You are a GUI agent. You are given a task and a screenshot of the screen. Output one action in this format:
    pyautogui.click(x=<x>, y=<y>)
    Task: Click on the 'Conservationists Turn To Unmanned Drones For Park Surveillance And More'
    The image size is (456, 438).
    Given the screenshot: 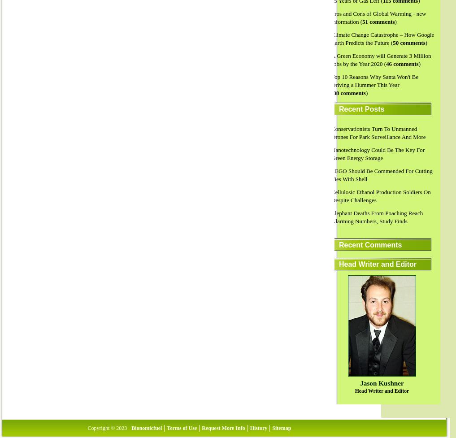 What is the action you would take?
    pyautogui.click(x=378, y=132)
    